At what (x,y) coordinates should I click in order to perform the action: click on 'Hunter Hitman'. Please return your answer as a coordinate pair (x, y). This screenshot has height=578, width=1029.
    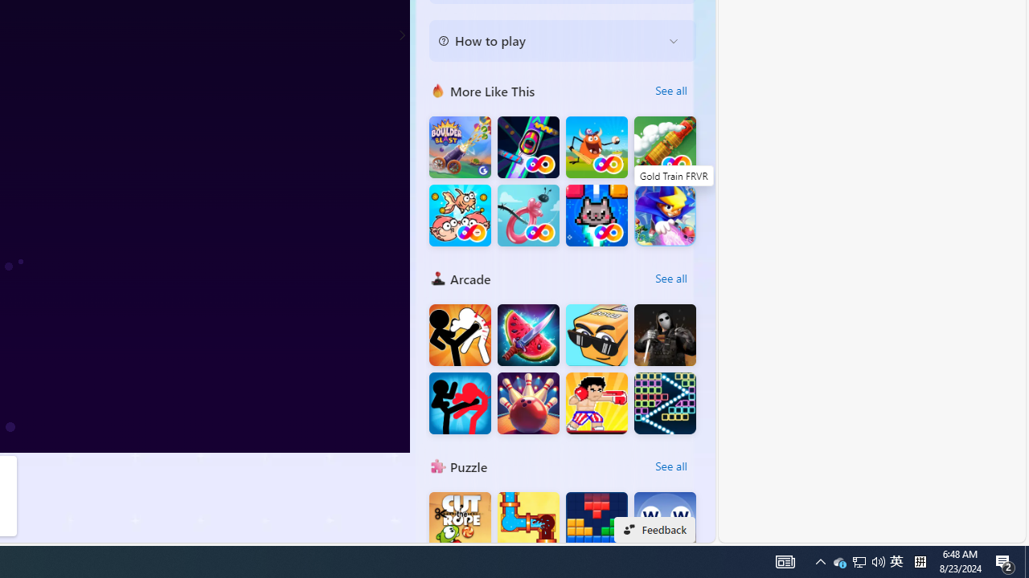
    Looking at the image, I should click on (665, 334).